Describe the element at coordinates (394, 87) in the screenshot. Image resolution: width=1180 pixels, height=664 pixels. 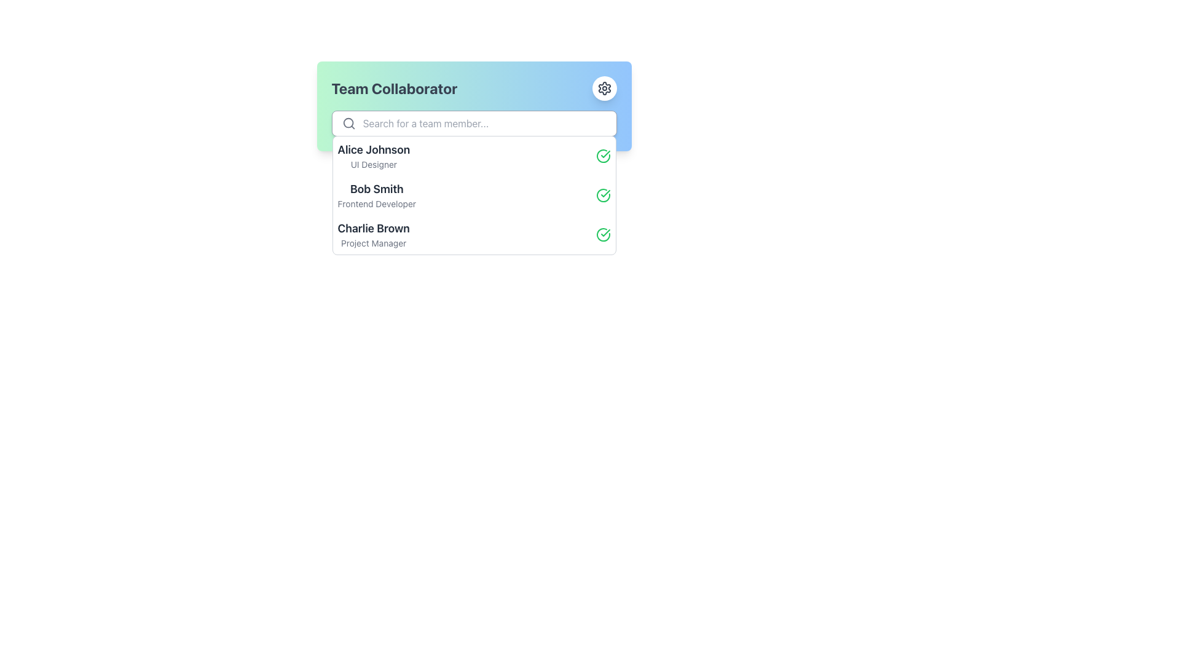
I see `the static text label displaying 'Team Collaborator', which is positioned at the top left of the user interface section, above a search bar and to the left of a gear icon button` at that location.